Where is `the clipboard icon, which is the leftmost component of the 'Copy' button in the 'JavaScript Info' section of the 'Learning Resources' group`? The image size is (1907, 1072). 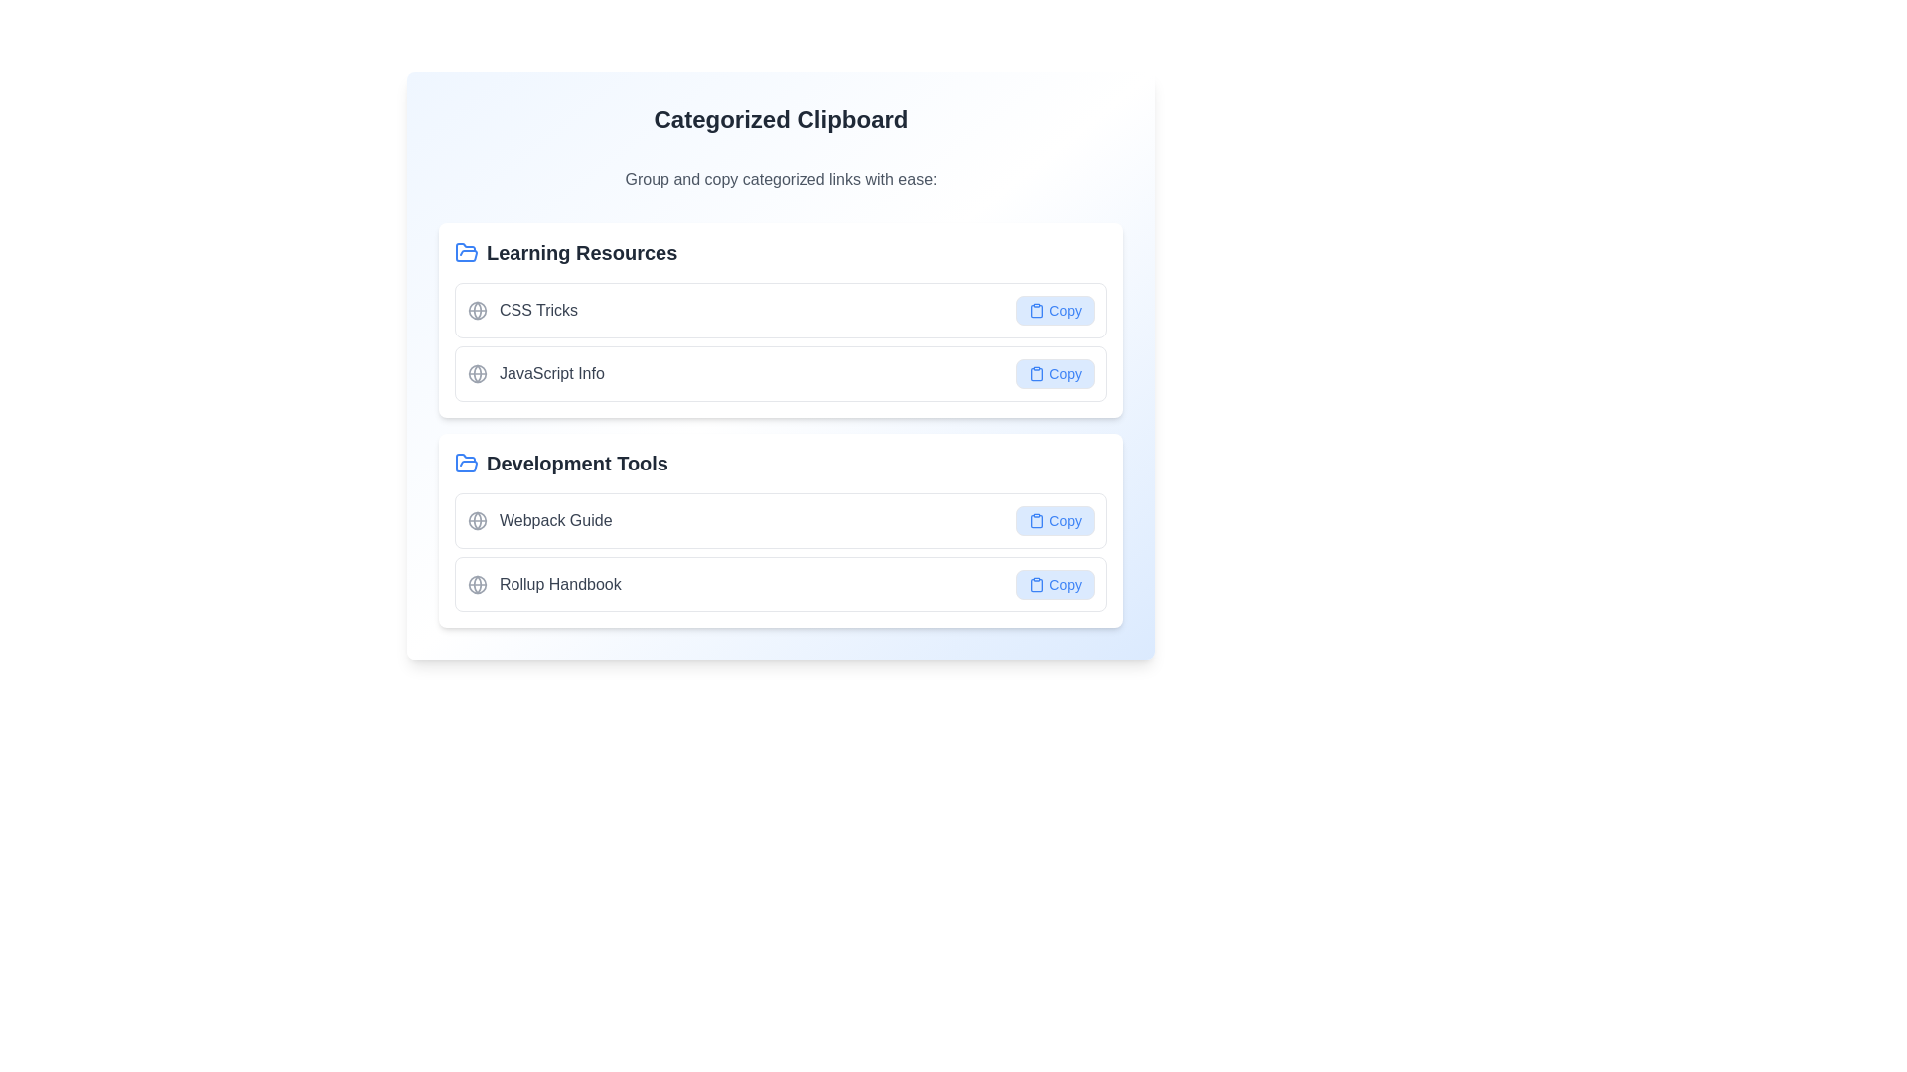 the clipboard icon, which is the leftmost component of the 'Copy' button in the 'JavaScript Info' section of the 'Learning Resources' group is located at coordinates (1036, 374).